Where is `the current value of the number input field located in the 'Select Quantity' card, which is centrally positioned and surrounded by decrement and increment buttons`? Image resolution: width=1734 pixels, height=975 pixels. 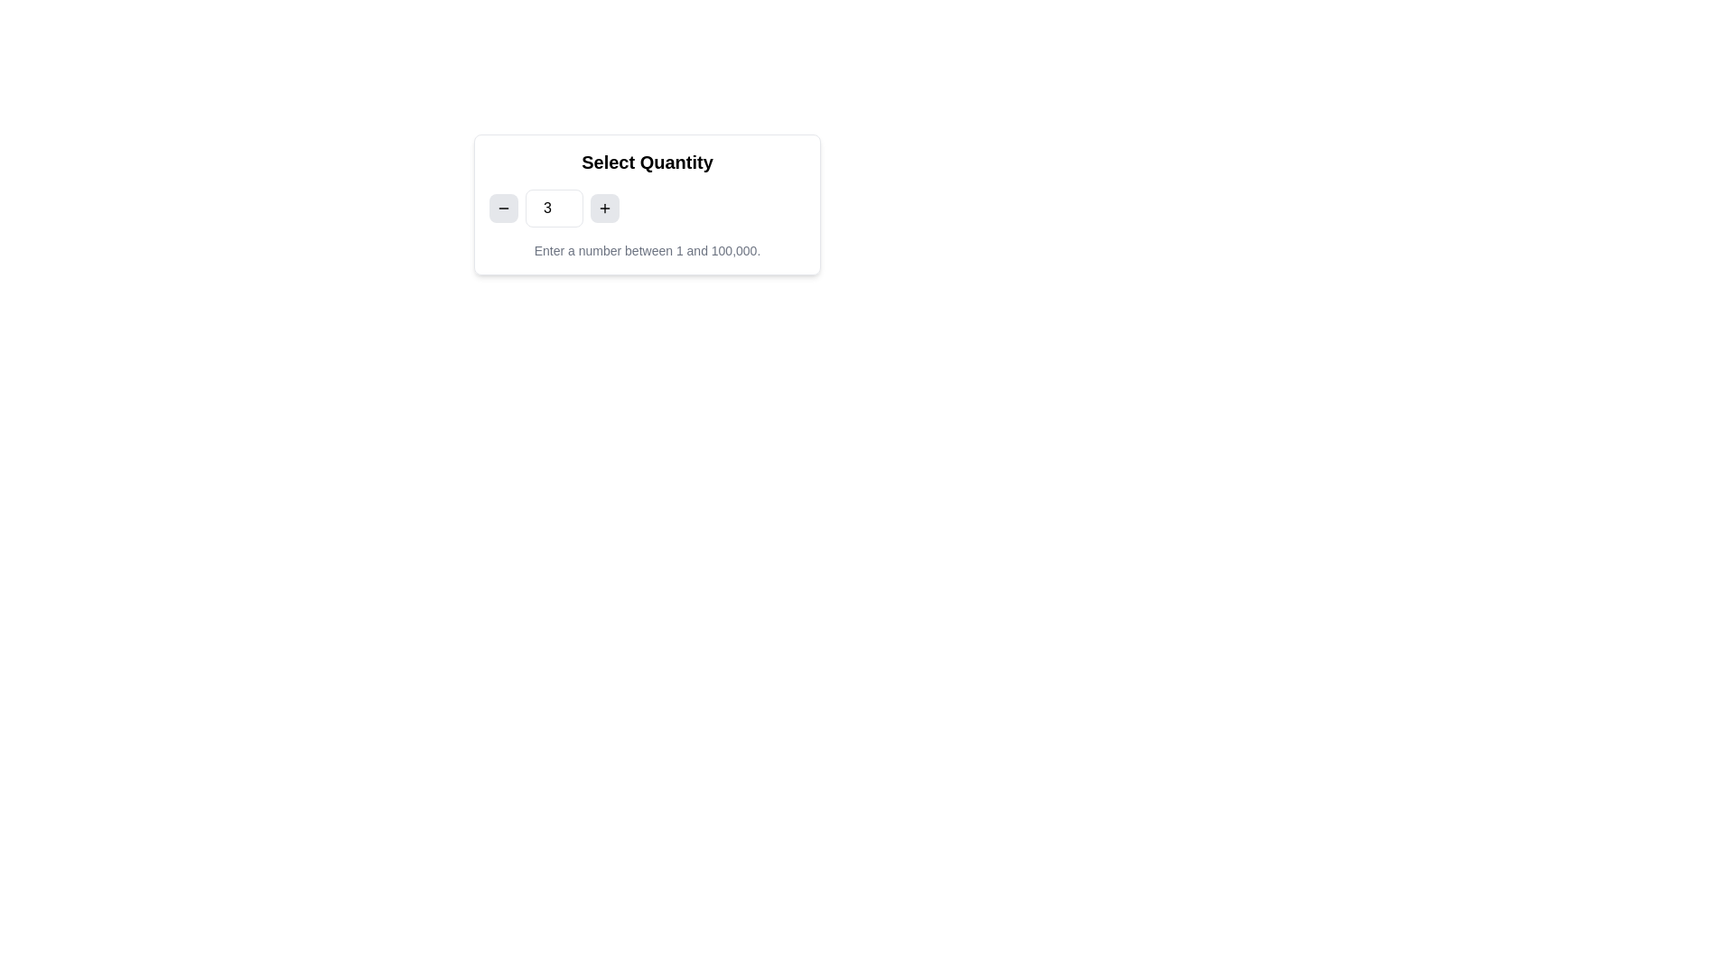
the current value of the number input field located in the 'Select Quantity' card, which is centrally positioned and surrounded by decrement and increment buttons is located at coordinates (647, 208).